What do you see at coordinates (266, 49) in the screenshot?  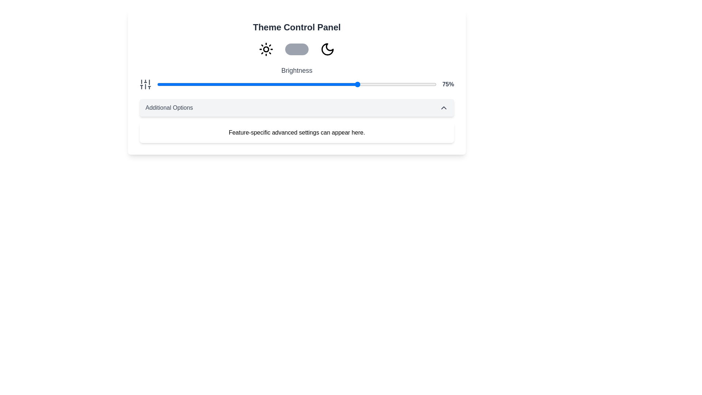 I see `the small decorative circular shape located at the center of the sun icon graphic, which is part of a bright yellow-themed sun icon at the upper section of the panel` at bounding box center [266, 49].